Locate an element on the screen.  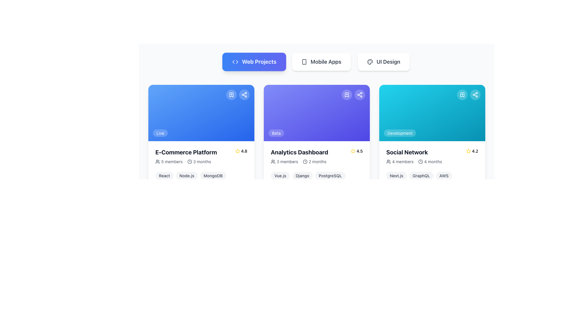
the time icon located in the 'Analytics Dashboard' card, near the text '2 months' is located at coordinates (305, 162).